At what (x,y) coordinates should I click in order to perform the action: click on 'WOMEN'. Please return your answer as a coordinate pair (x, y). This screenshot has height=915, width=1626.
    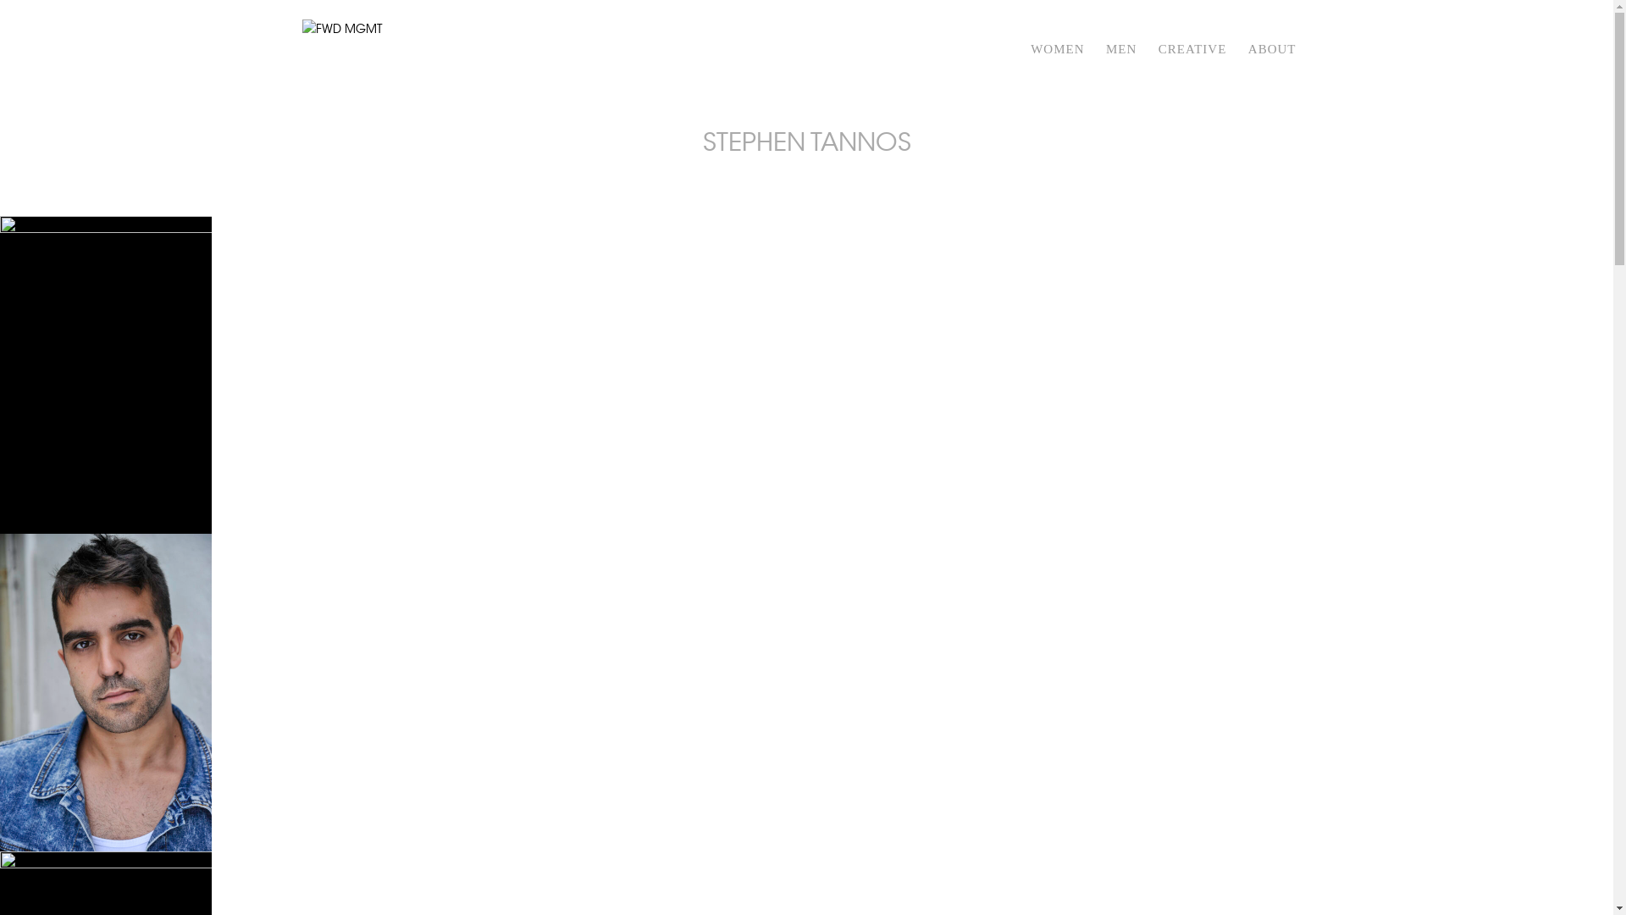
    Looking at the image, I should click on (1056, 69).